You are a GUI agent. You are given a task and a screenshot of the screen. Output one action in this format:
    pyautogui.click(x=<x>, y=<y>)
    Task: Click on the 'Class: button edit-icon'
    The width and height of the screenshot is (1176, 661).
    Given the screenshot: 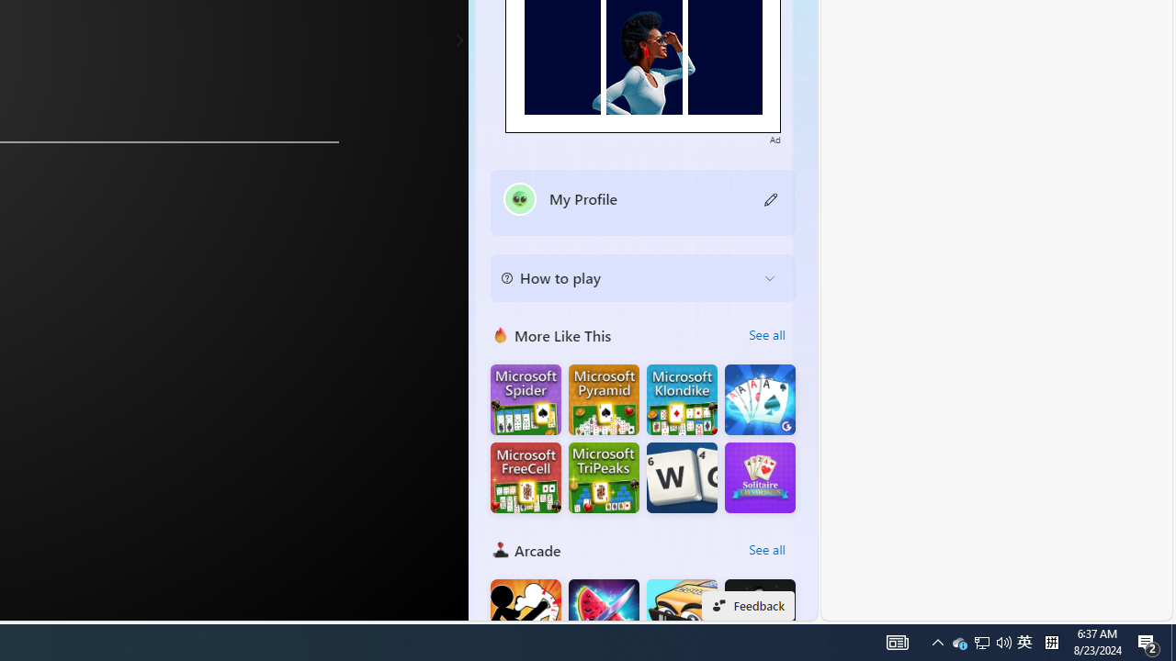 What is the action you would take?
    pyautogui.click(x=771, y=198)
    